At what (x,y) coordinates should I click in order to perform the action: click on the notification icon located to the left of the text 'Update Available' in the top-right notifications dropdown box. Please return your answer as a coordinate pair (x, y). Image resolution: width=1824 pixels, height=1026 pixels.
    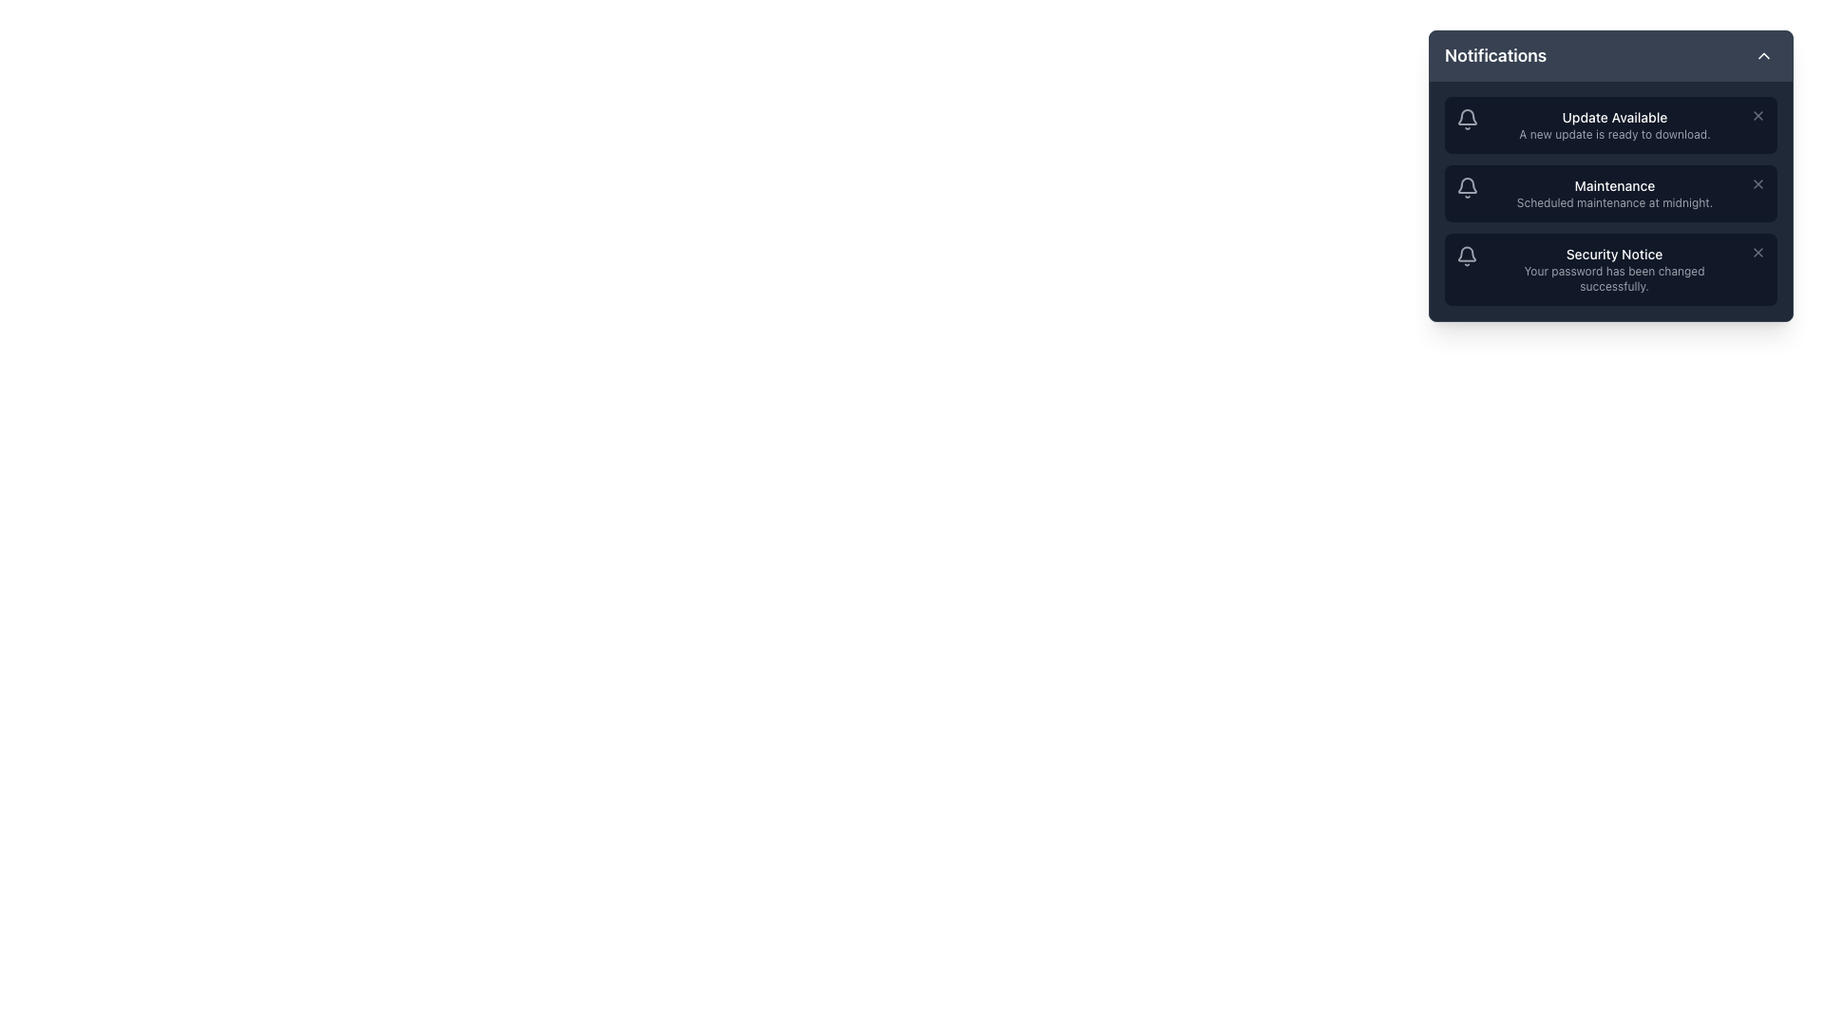
    Looking at the image, I should click on (1467, 120).